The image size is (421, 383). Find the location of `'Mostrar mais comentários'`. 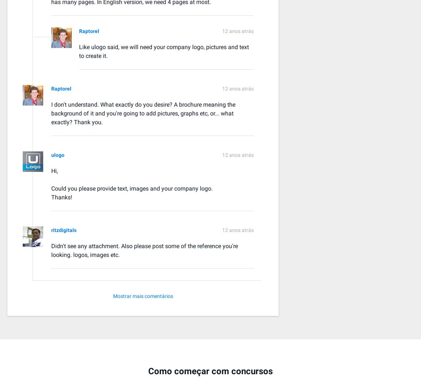

'Mostrar mais comentários' is located at coordinates (142, 295).